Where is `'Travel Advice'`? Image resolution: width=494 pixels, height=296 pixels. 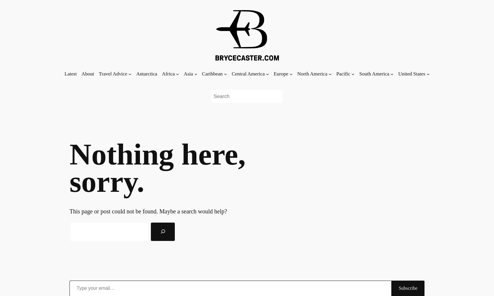 'Travel Advice' is located at coordinates (113, 73).